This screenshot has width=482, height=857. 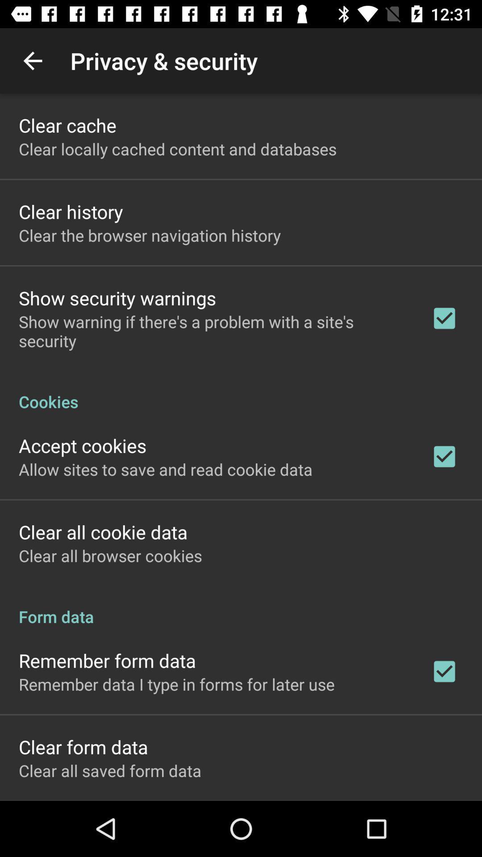 What do you see at coordinates (32, 60) in the screenshot?
I see `icon to the left of privacy & security item` at bounding box center [32, 60].